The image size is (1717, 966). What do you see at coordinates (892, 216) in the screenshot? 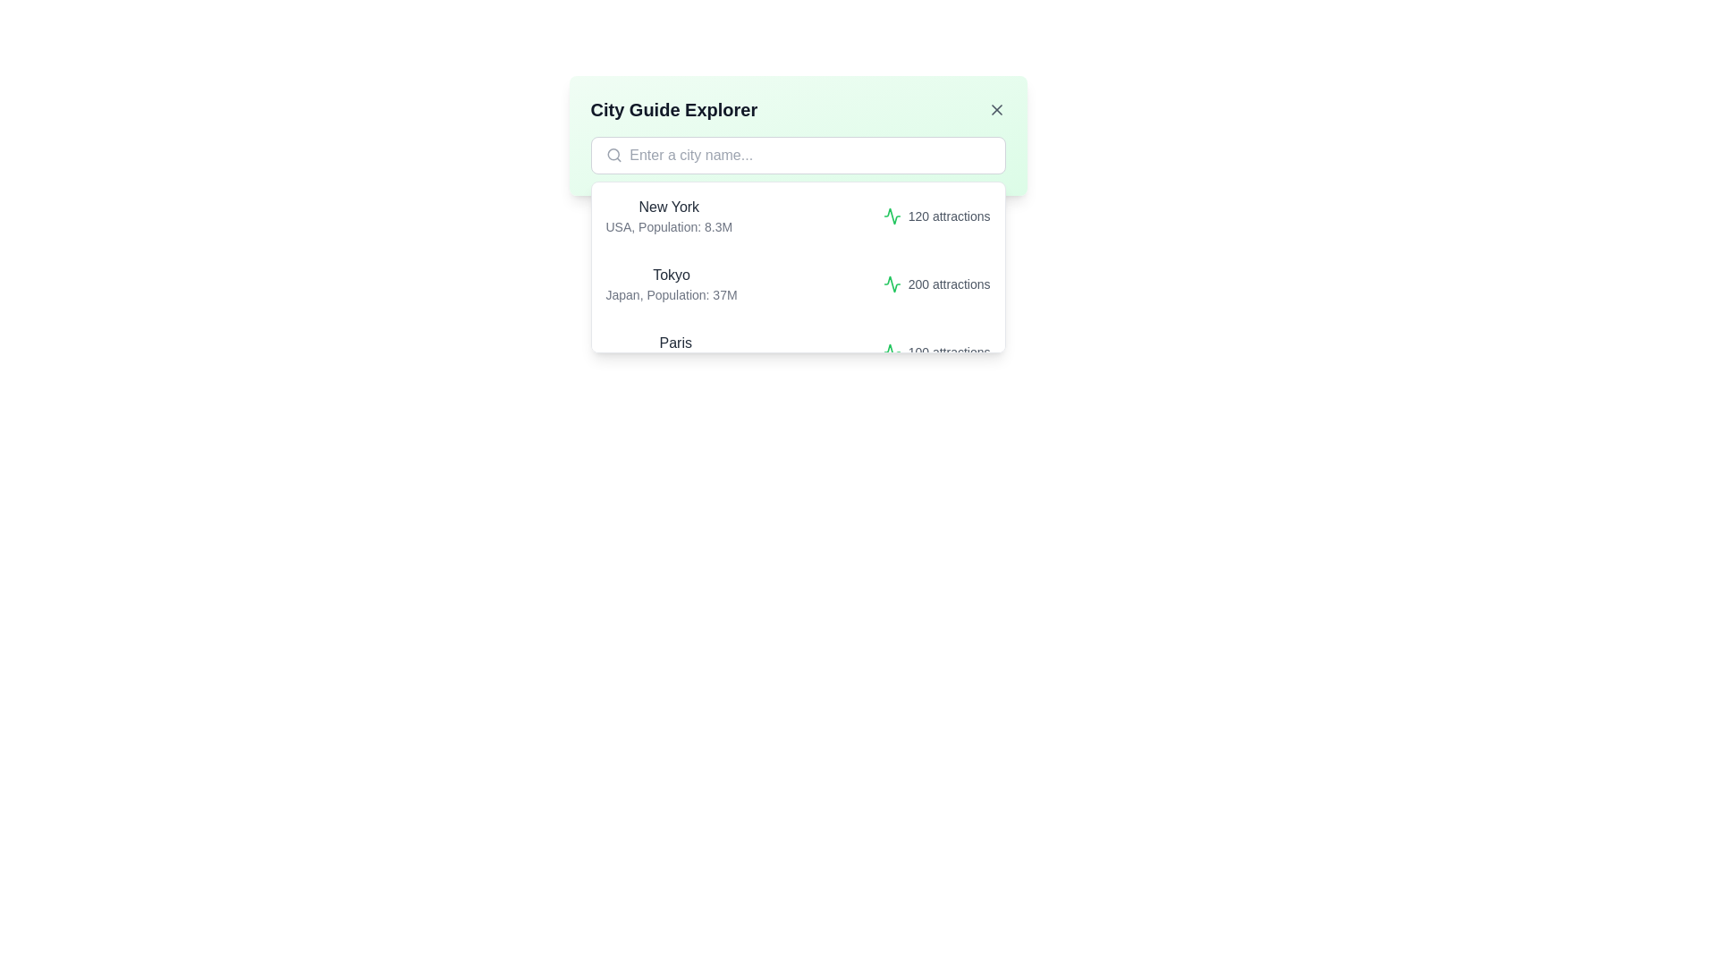
I see `the small green heartbeat curve icon located to the left of the text '120 attractions' in the New York city entry list` at bounding box center [892, 216].